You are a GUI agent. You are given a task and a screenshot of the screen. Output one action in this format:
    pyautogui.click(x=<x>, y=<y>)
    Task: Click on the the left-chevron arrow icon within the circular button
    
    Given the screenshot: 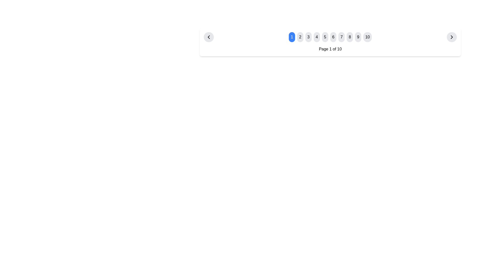 What is the action you would take?
    pyautogui.click(x=209, y=37)
    